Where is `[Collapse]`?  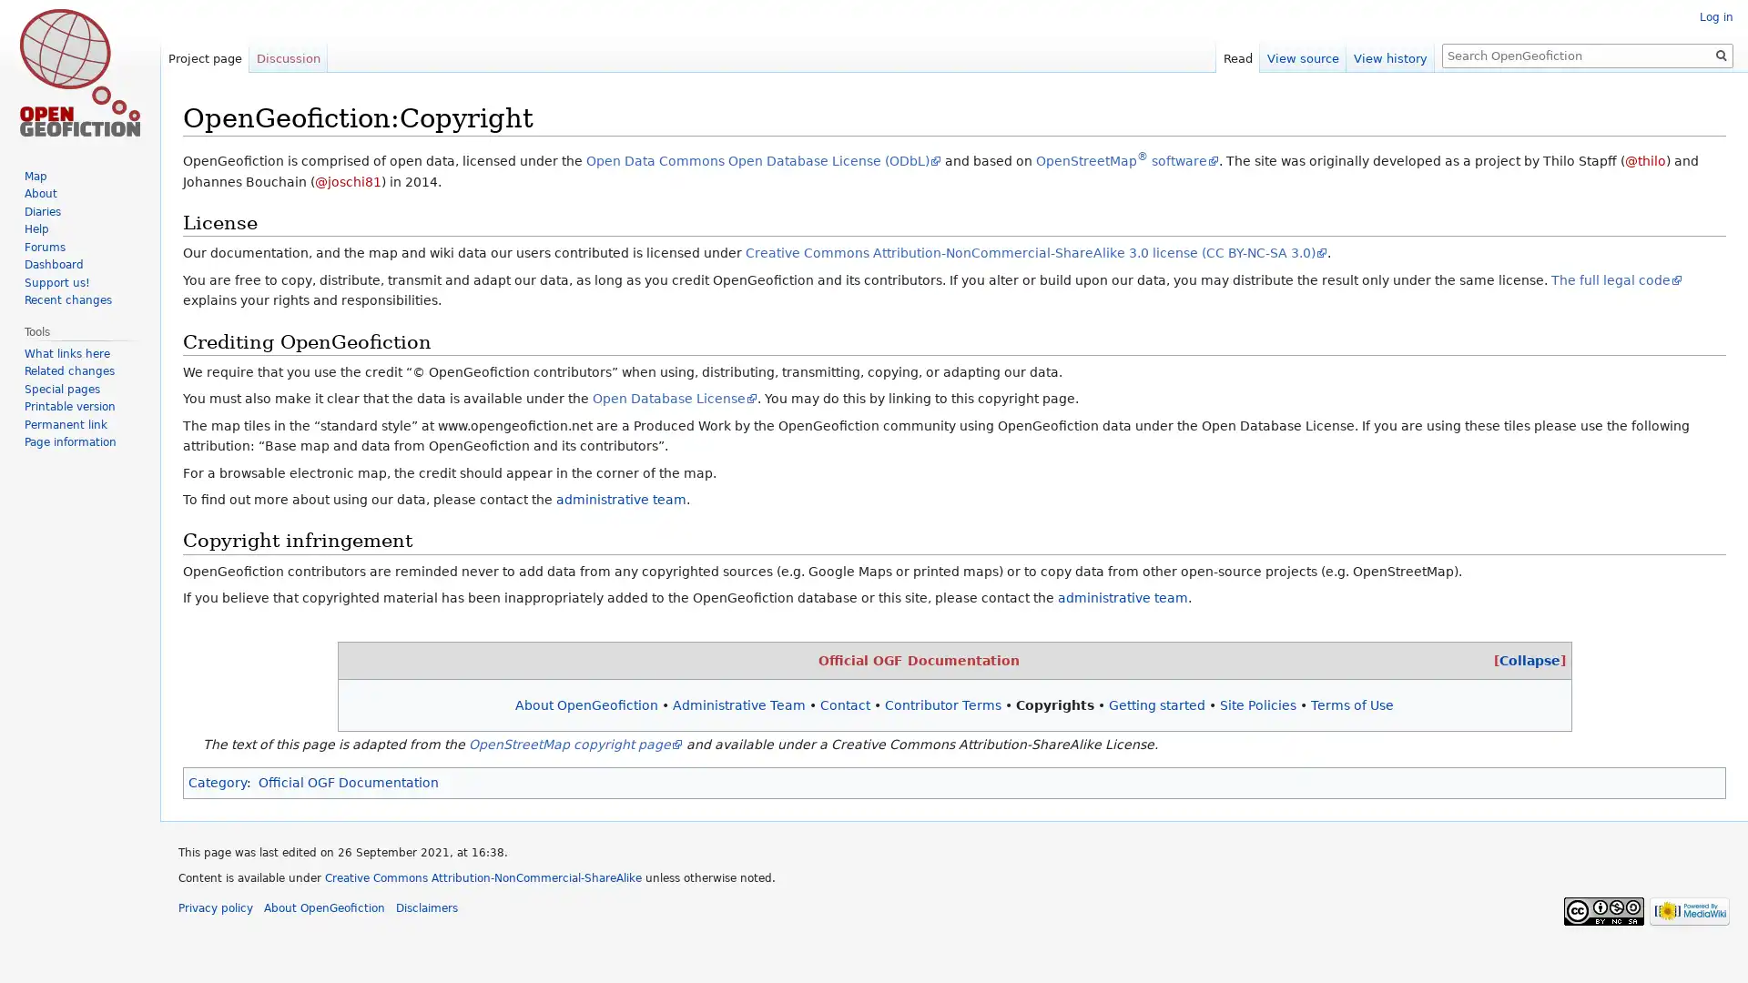 [Collapse] is located at coordinates (1529, 660).